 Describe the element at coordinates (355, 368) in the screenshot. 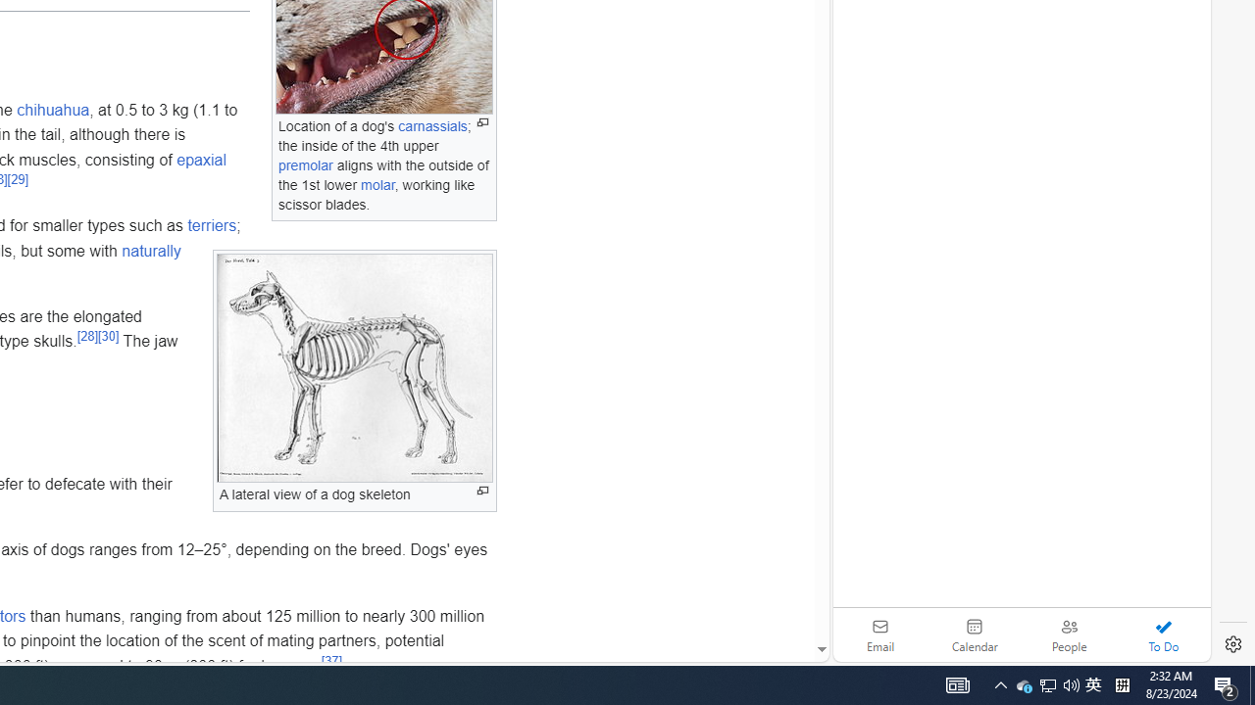

I see `'Class: mw-file-element'` at that location.